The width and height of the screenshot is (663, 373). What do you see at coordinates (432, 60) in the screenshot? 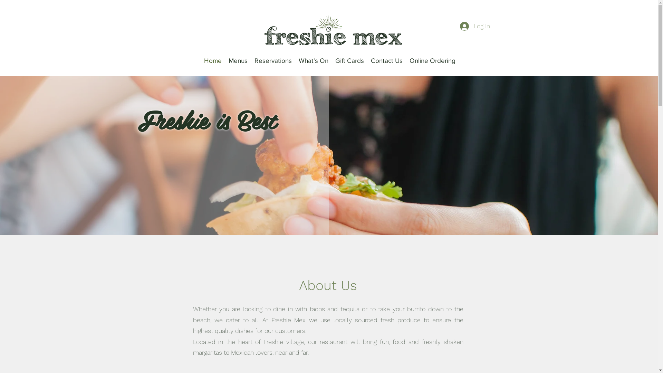
I see `'Online Ordering'` at bounding box center [432, 60].